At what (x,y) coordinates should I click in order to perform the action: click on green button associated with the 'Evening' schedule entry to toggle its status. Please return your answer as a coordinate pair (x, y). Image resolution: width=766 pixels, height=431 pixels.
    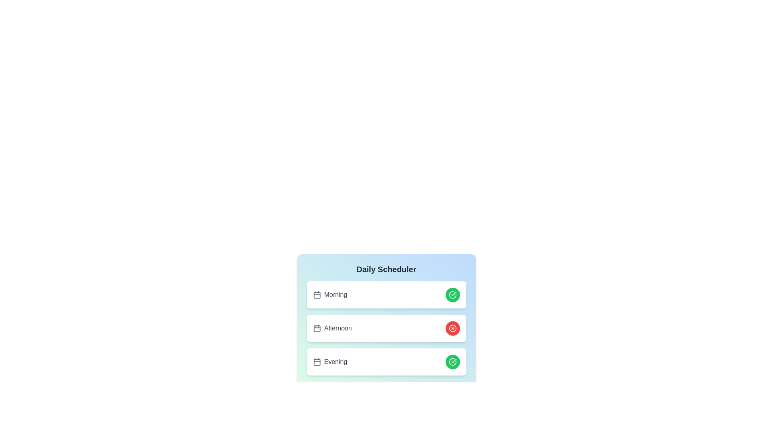
    Looking at the image, I should click on (452, 362).